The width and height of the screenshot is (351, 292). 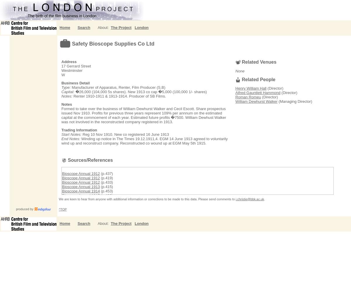 What do you see at coordinates (241, 62) in the screenshot?
I see `'Related Venues'` at bounding box center [241, 62].